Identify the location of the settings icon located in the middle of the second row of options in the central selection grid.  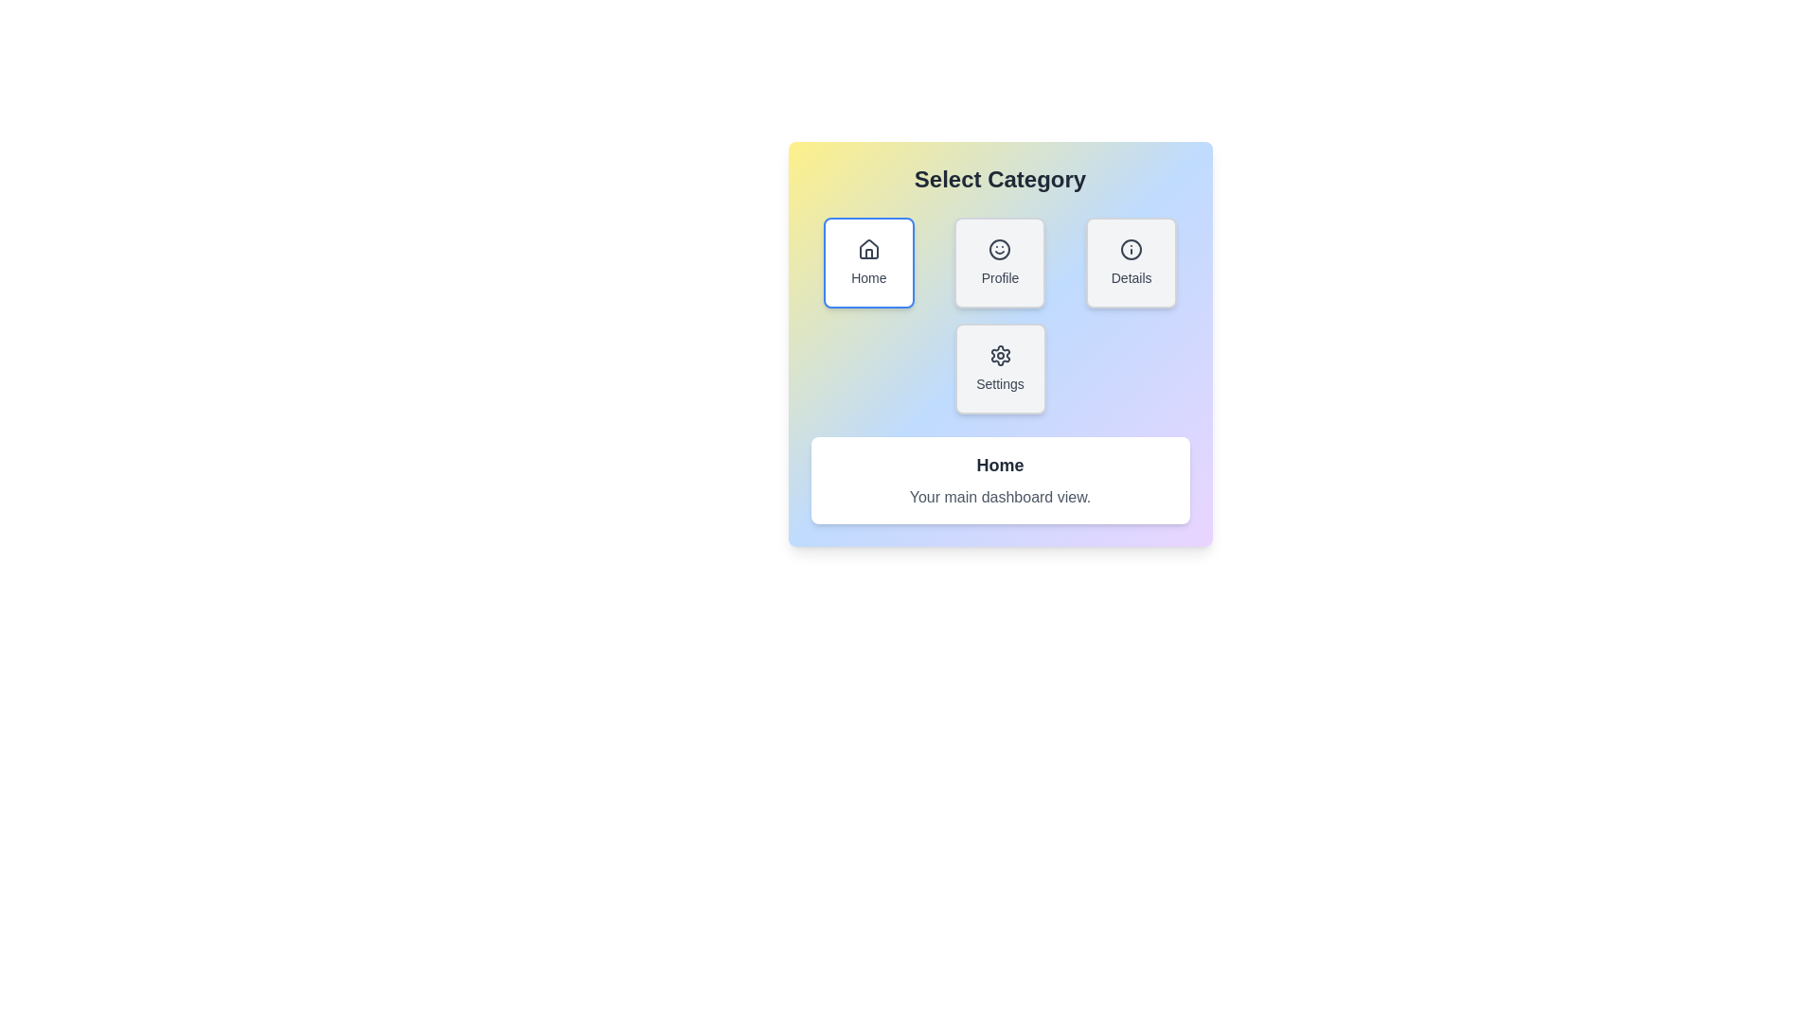
(999, 355).